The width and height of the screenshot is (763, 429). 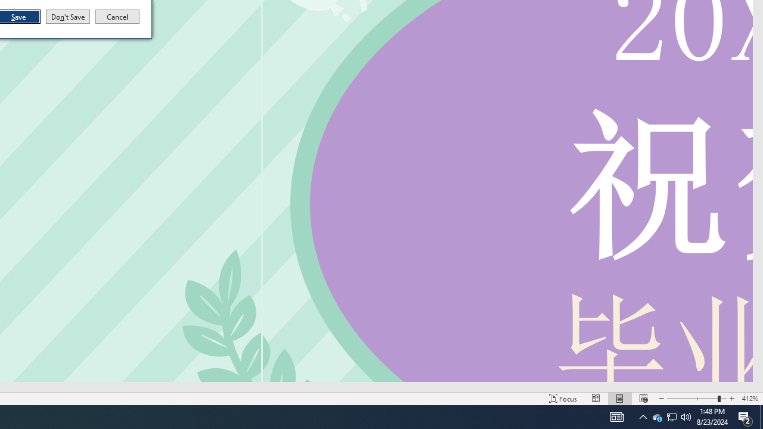 I want to click on 'AutomationID: 4105', so click(x=616, y=416).